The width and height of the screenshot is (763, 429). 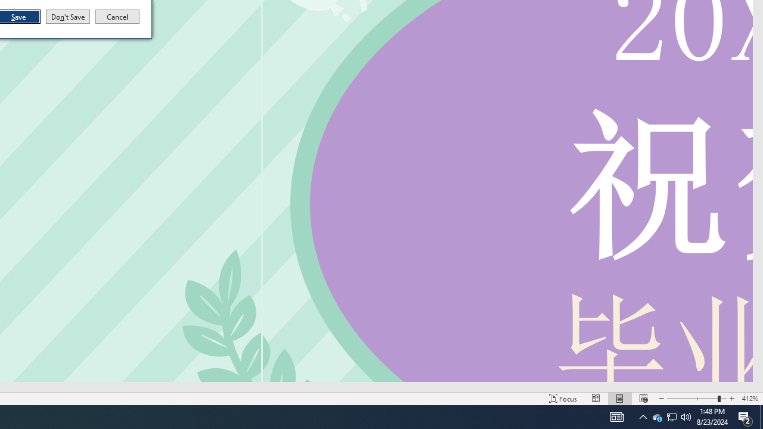 I want to click on 'AutomationID: 4105', so click(x=616, y=416).